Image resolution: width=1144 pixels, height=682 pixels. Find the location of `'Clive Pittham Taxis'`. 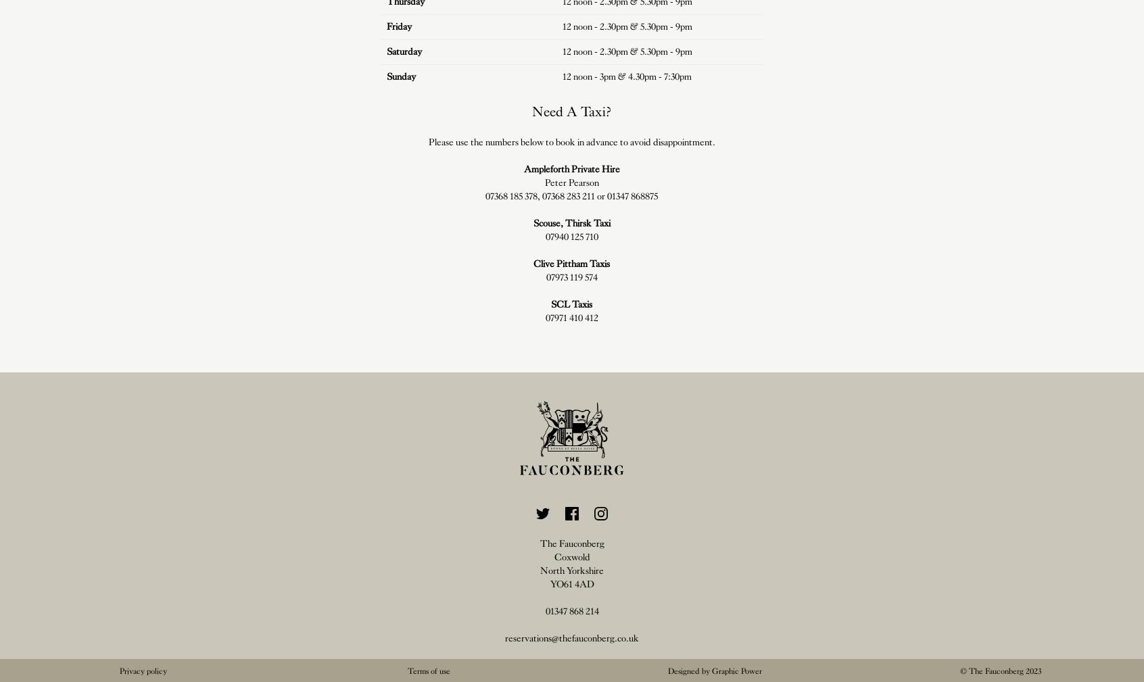

'Clive Pittham Taxis' is located at coordinates (571, 262).